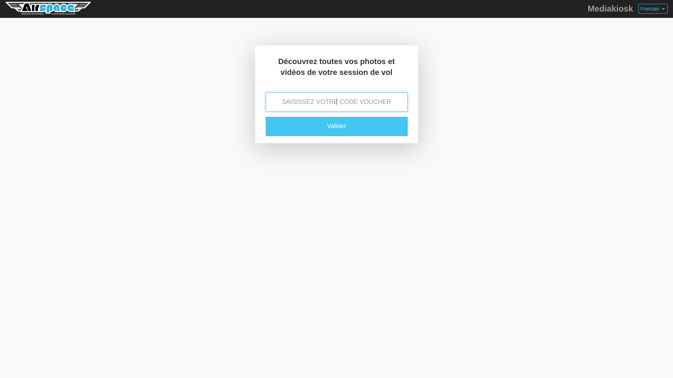  I want to click on 'Valider', so click(336, 126).